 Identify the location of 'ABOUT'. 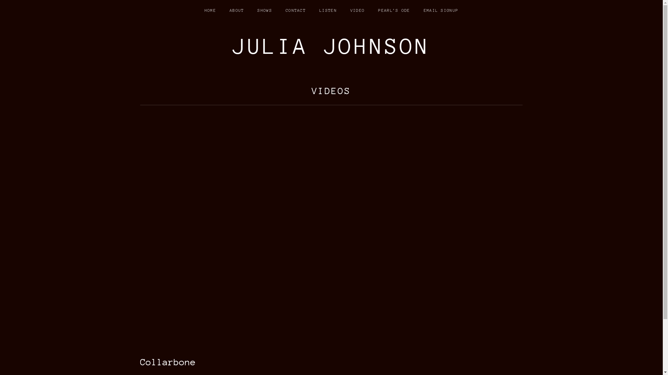
(237, 10).